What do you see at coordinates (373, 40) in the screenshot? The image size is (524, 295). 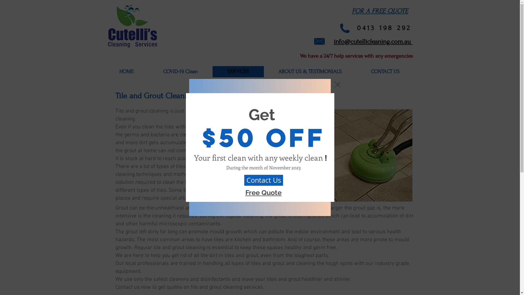 I see `'info@cutellicleaning.com.au '` at bounding box center [373, 40].